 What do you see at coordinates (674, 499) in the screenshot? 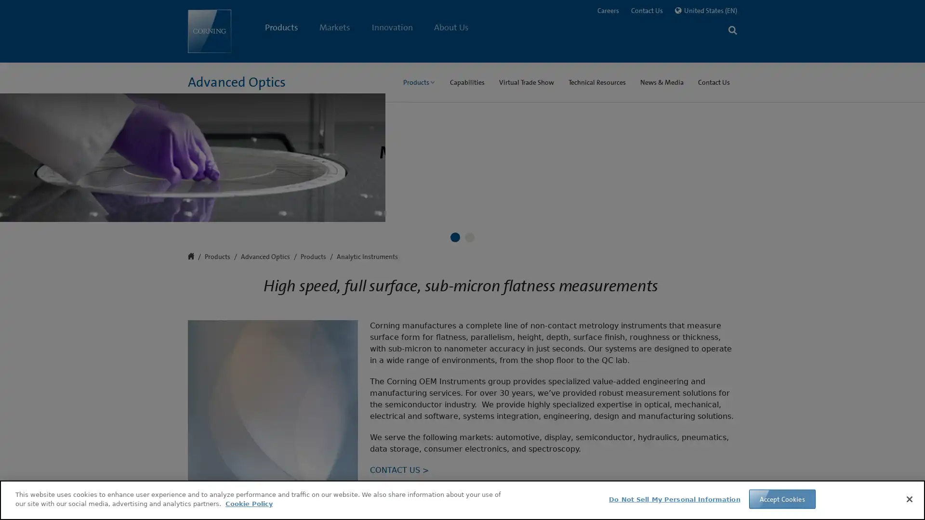
I see `Do Not Sell My Personal Information` at bounding box center [674, 499].